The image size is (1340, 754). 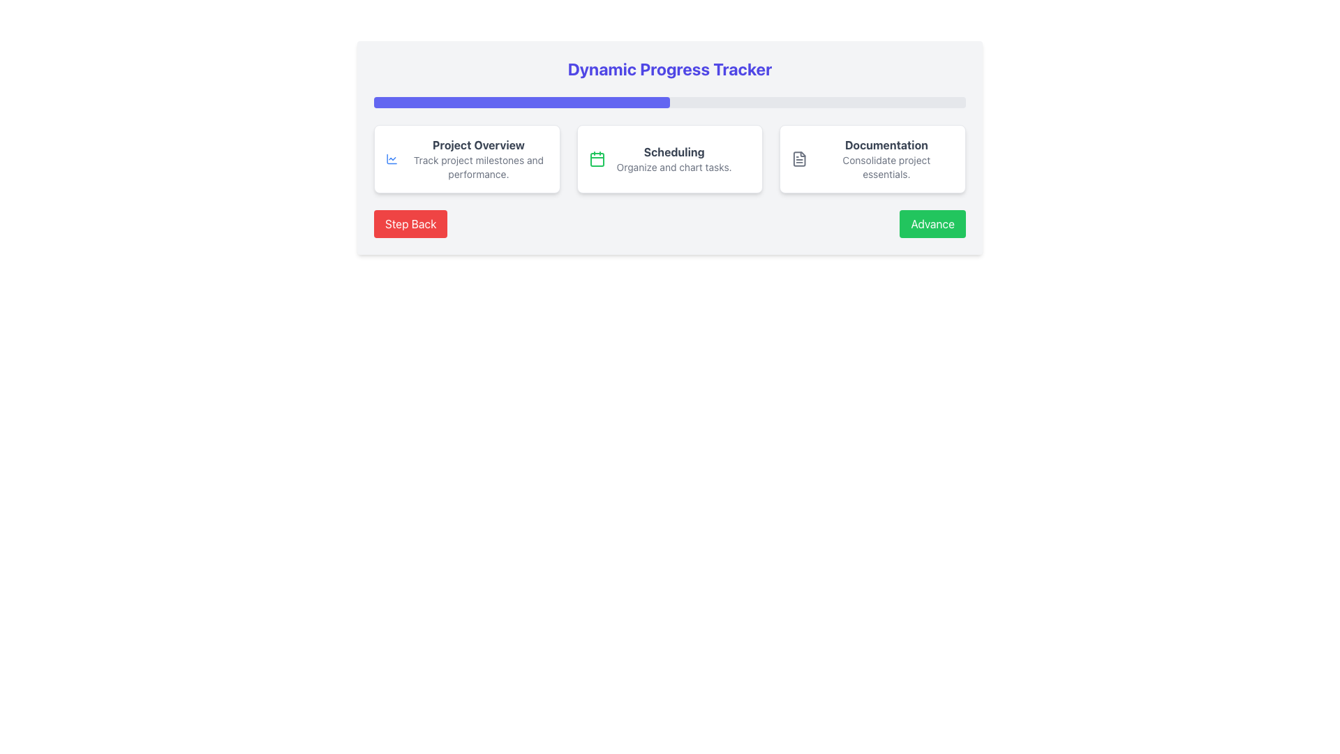 I want to click on the textual description block within the middle card of the three horizontally aligned cards in the 'Dynamic Progress Tracker' section, which provides information about the scheduling feature, so click(x=674, y=158).